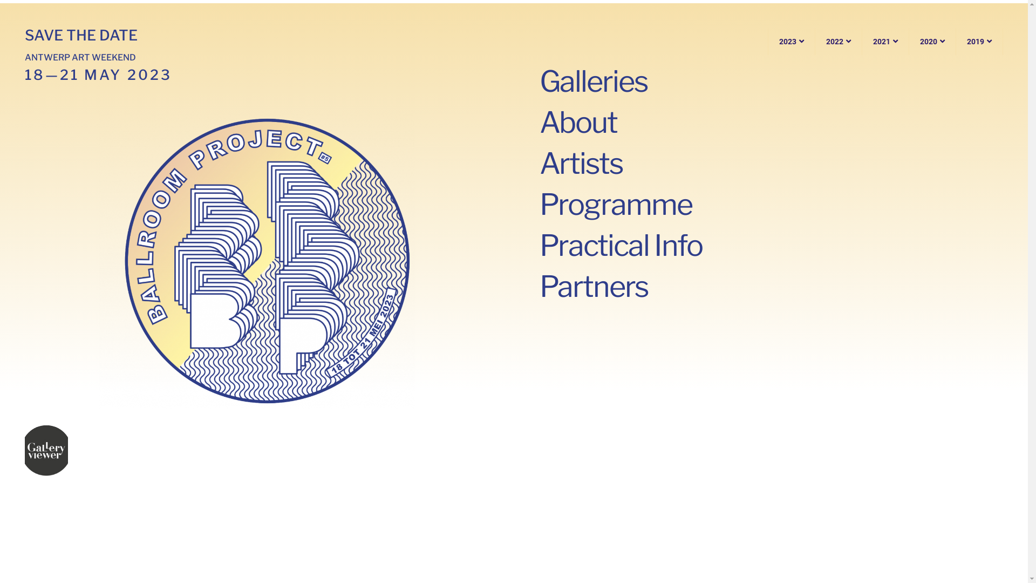 This screenshot has height=583, width=1036. I want to click on 'About', so click(577, 122).